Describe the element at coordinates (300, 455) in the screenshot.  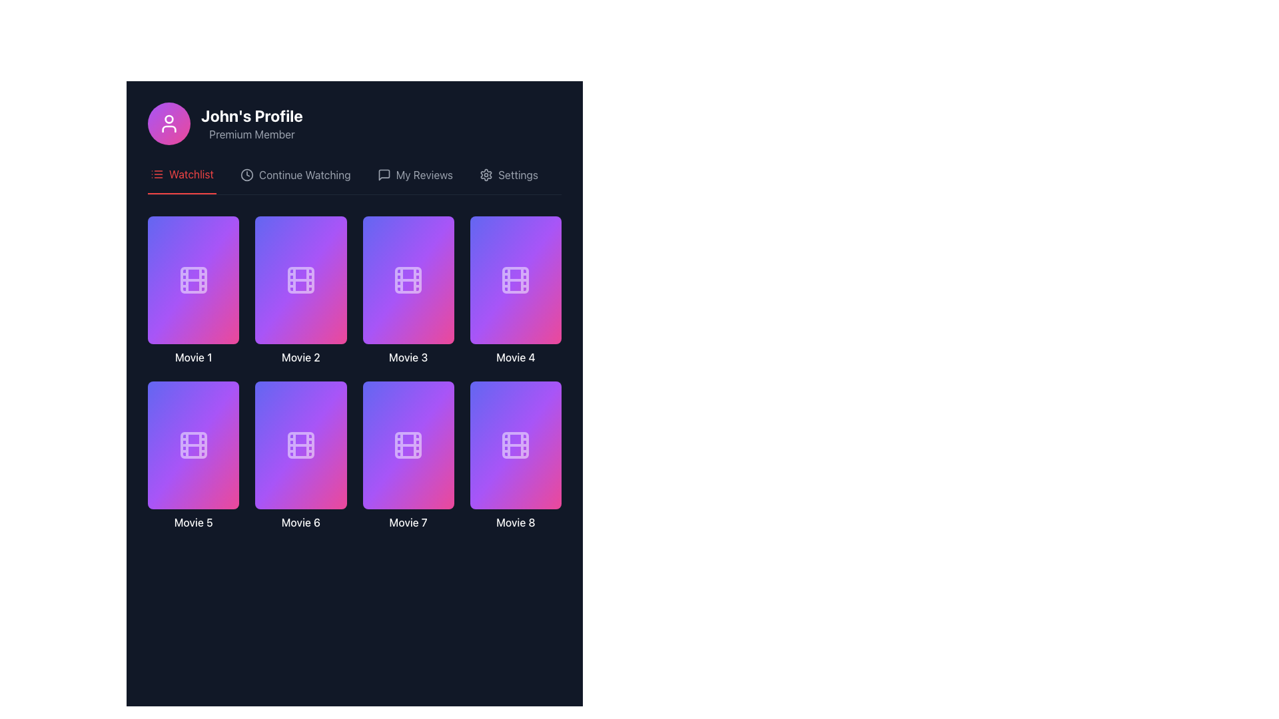
I see `the card labeled 'Movie 6' which is a rectangular button with a gradient background and a film roll icon at its center` at that location.